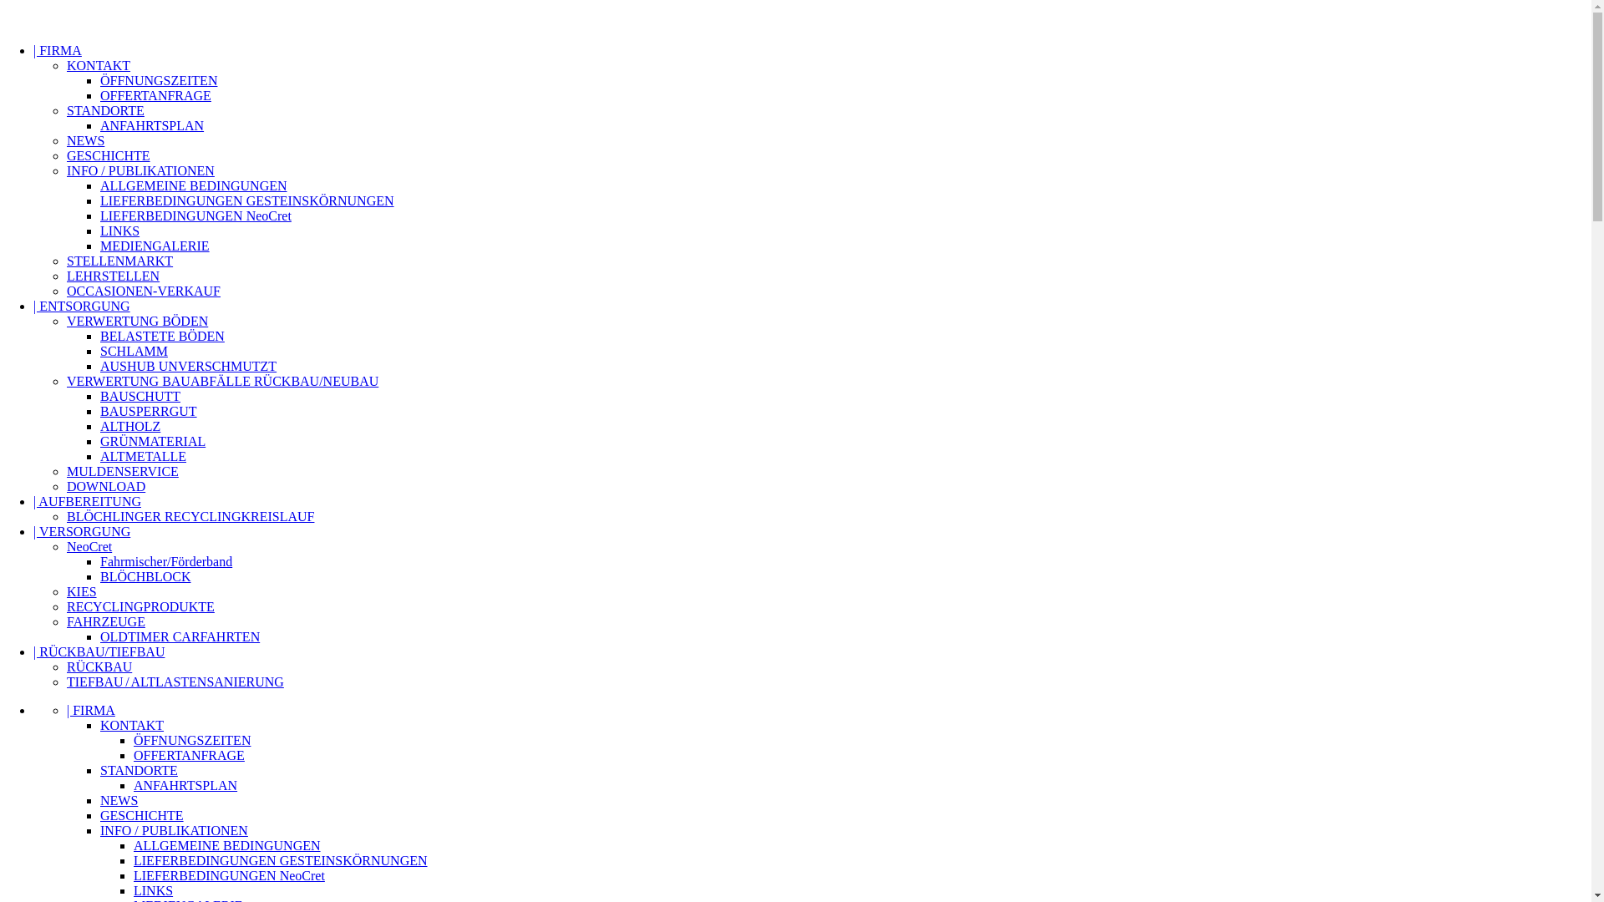 The image size is (1604, 902). I want to click on '| FIRMA', so click(90, 710).